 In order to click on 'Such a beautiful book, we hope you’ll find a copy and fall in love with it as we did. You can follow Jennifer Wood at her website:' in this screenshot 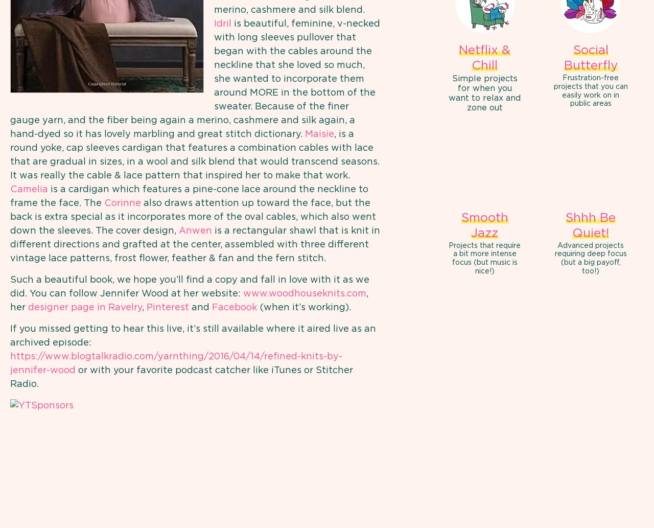, I will do `click(190, 286)`.